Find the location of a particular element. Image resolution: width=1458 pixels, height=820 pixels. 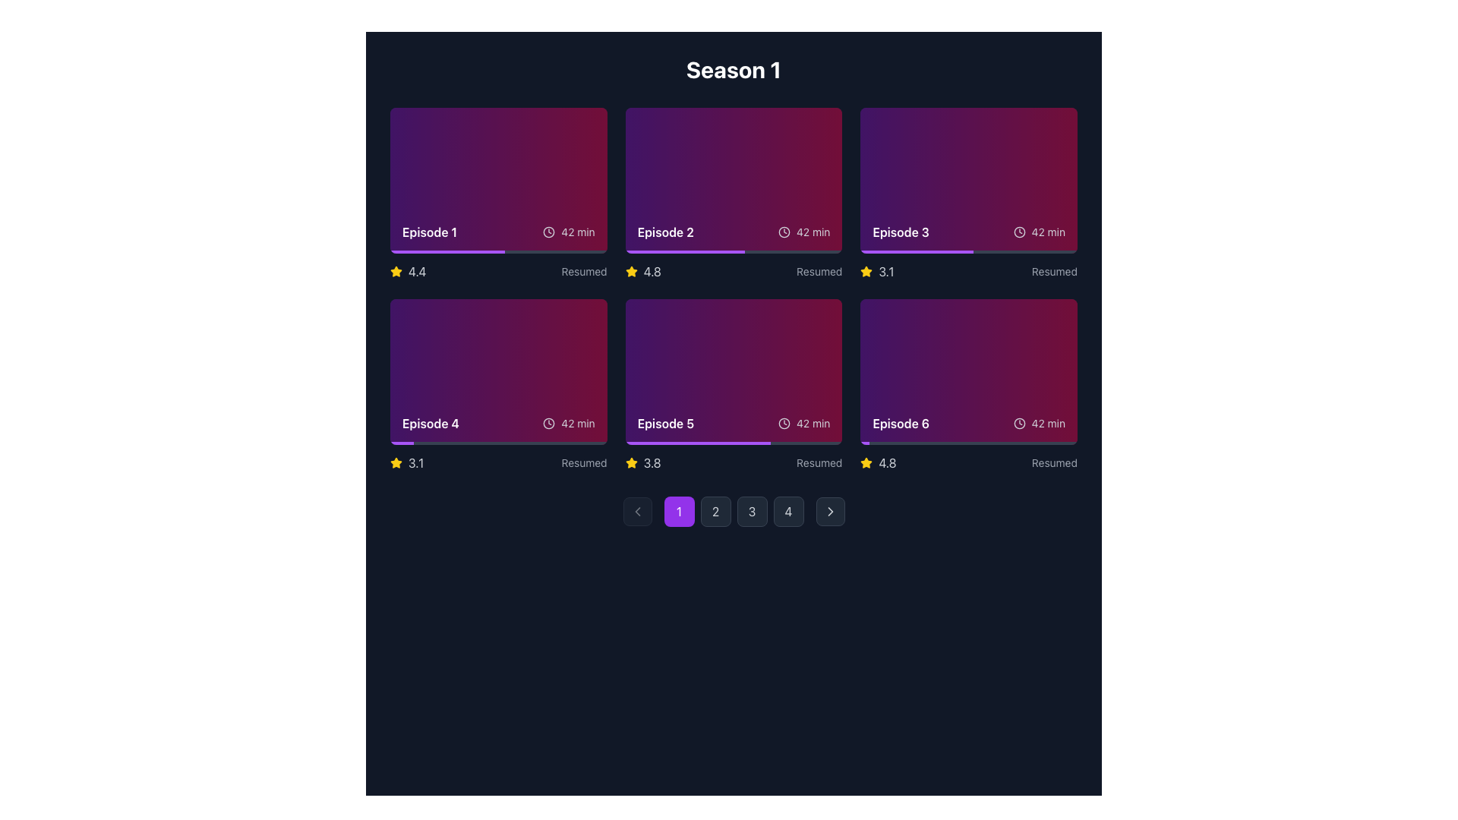

rating value from the text label of the Rating display component located in the lower-right section of the layout, corresponding to the sixth episode in a grid is located at coordinates (878, 462).